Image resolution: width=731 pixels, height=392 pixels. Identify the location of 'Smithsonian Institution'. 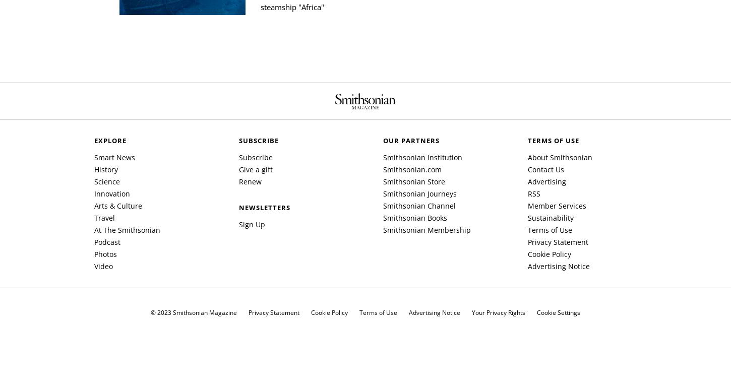
(422, 157).